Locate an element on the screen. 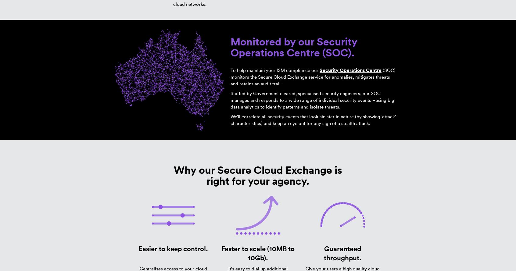  'Monitored by our Security Operations Centre (SOC).' is located at coordinates (294, 47).